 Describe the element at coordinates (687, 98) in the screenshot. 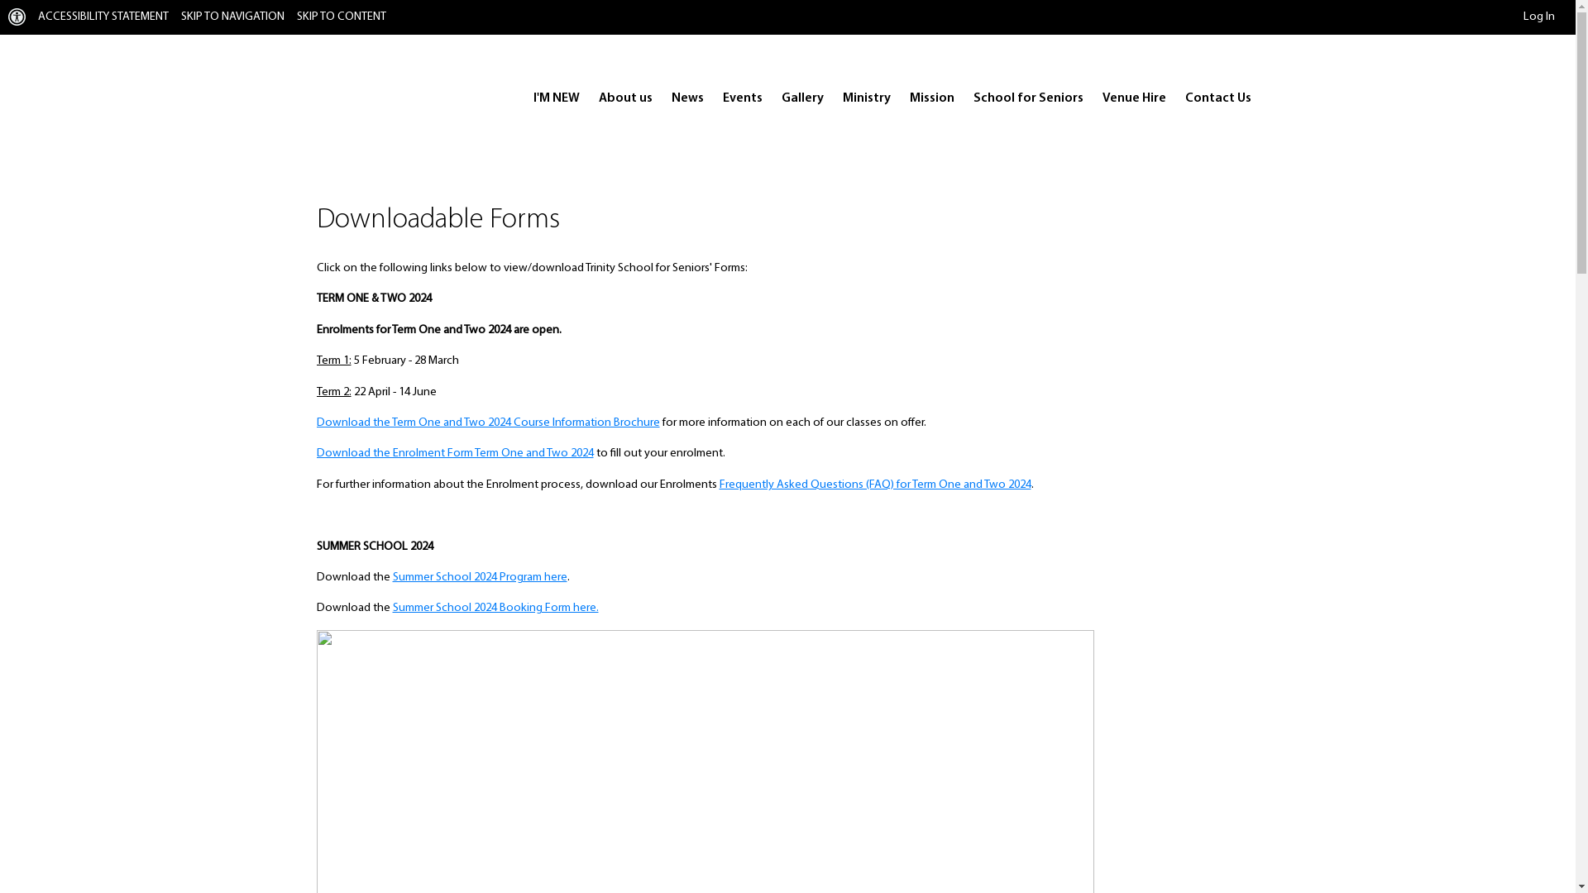

I see `'News'` at that location.